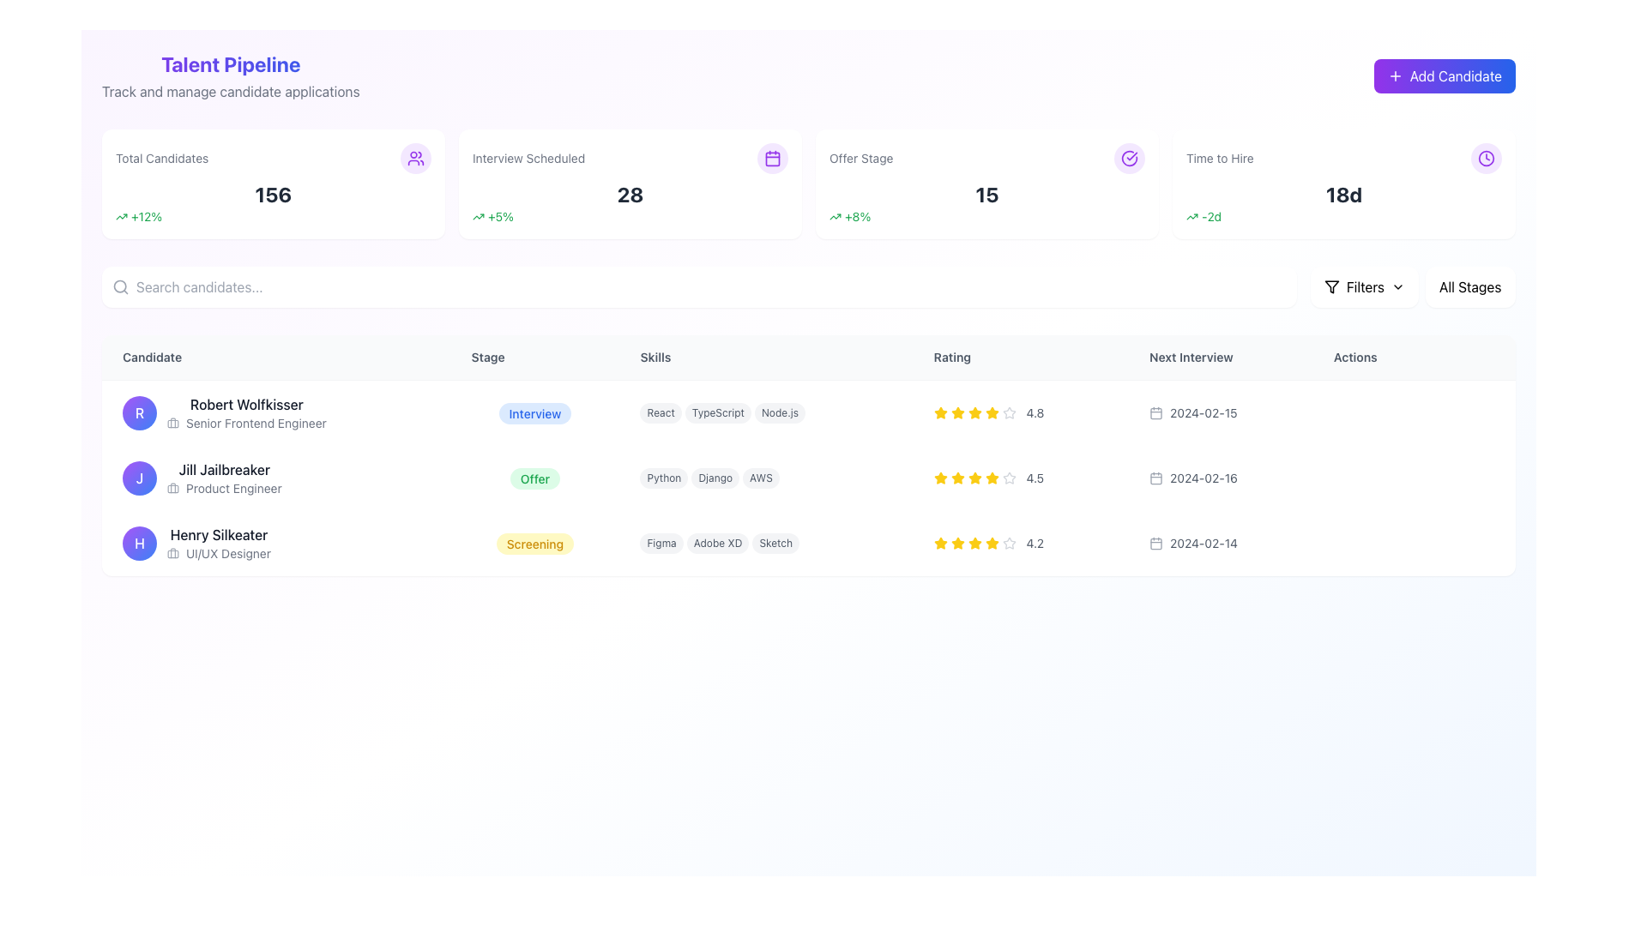 The width and height of the screenshot is (1647, 926). I want to click on the '+' icon within the 'Add Candidate' button, which has a gradient blue background and is located in the top-right corner of the interface, to initiate adding a candidate, so click(1395, 75).